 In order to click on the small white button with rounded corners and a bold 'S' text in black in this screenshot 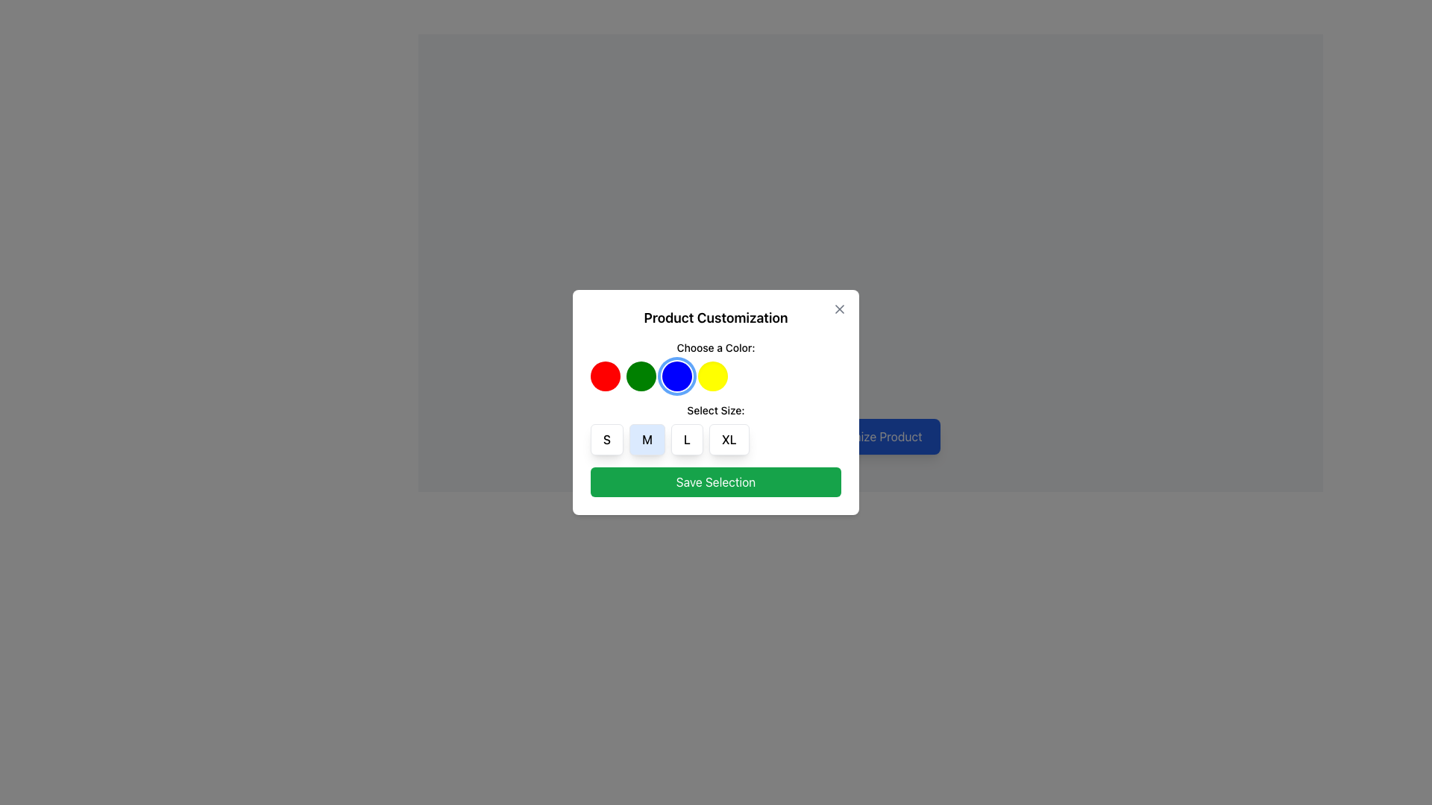, I will do `click(607, 439)`.